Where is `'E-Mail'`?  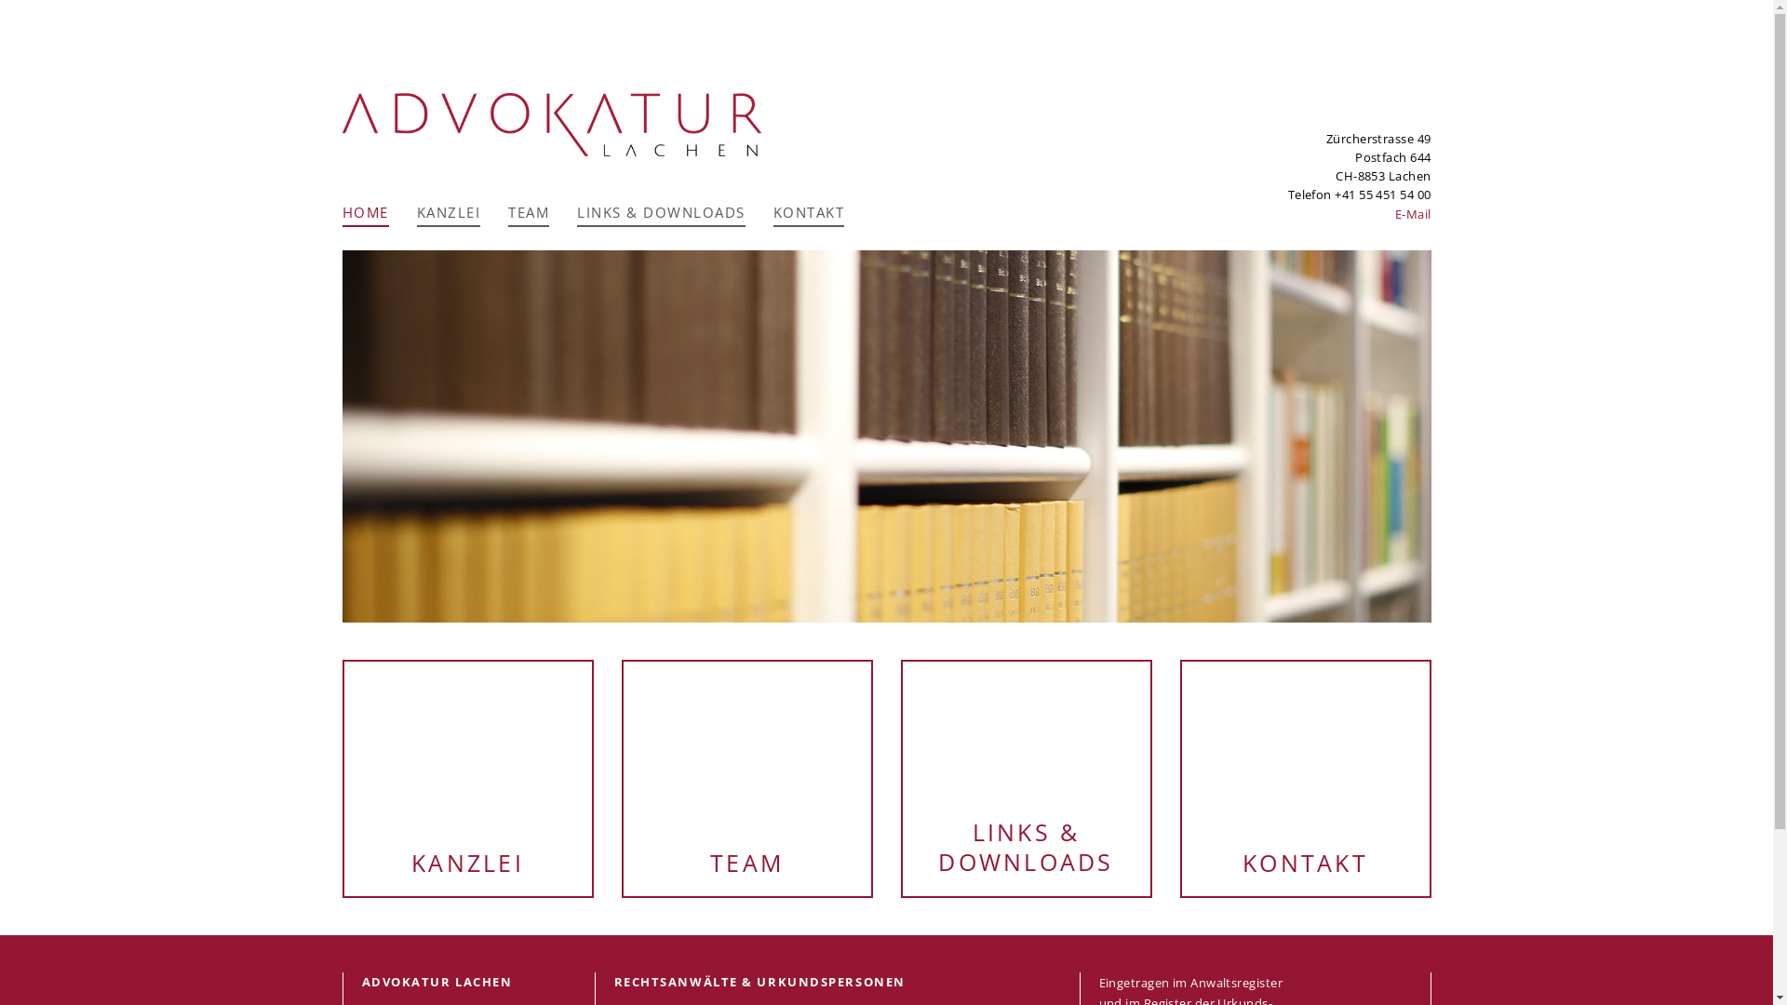 'E-Mail' is located at coordinates (1413, 213).